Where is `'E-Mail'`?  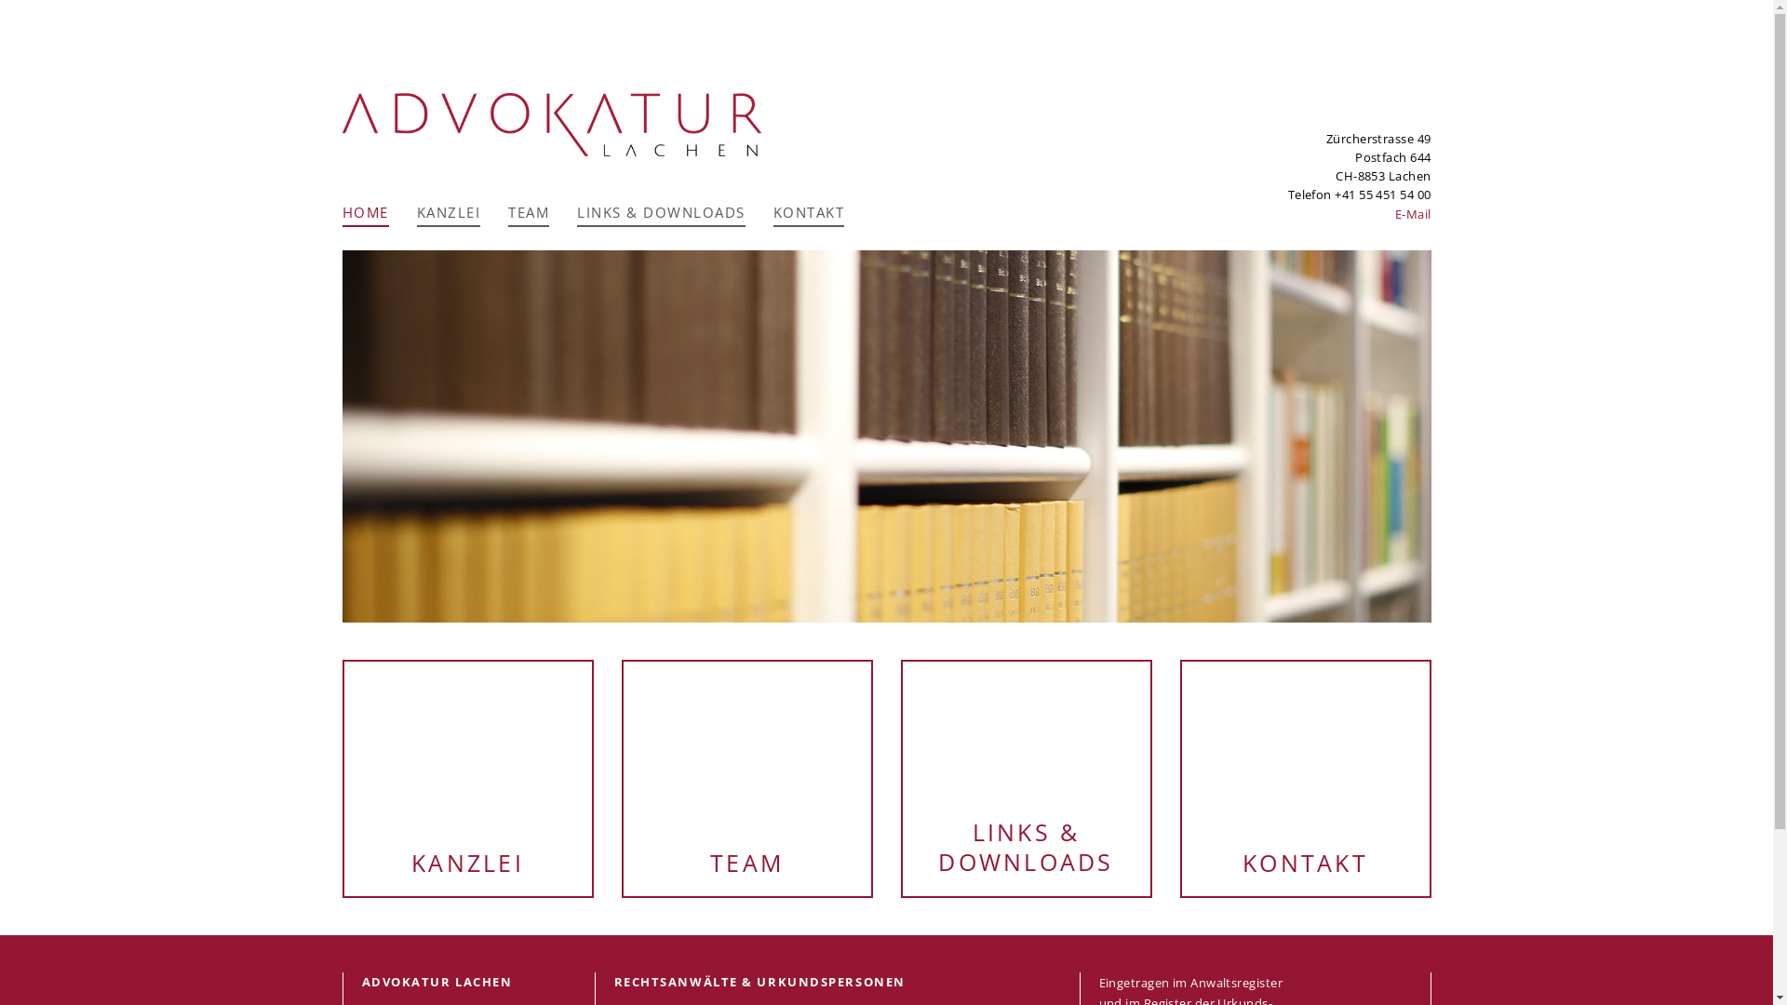 'E-Mail' is located at coordinates (1413, 213).